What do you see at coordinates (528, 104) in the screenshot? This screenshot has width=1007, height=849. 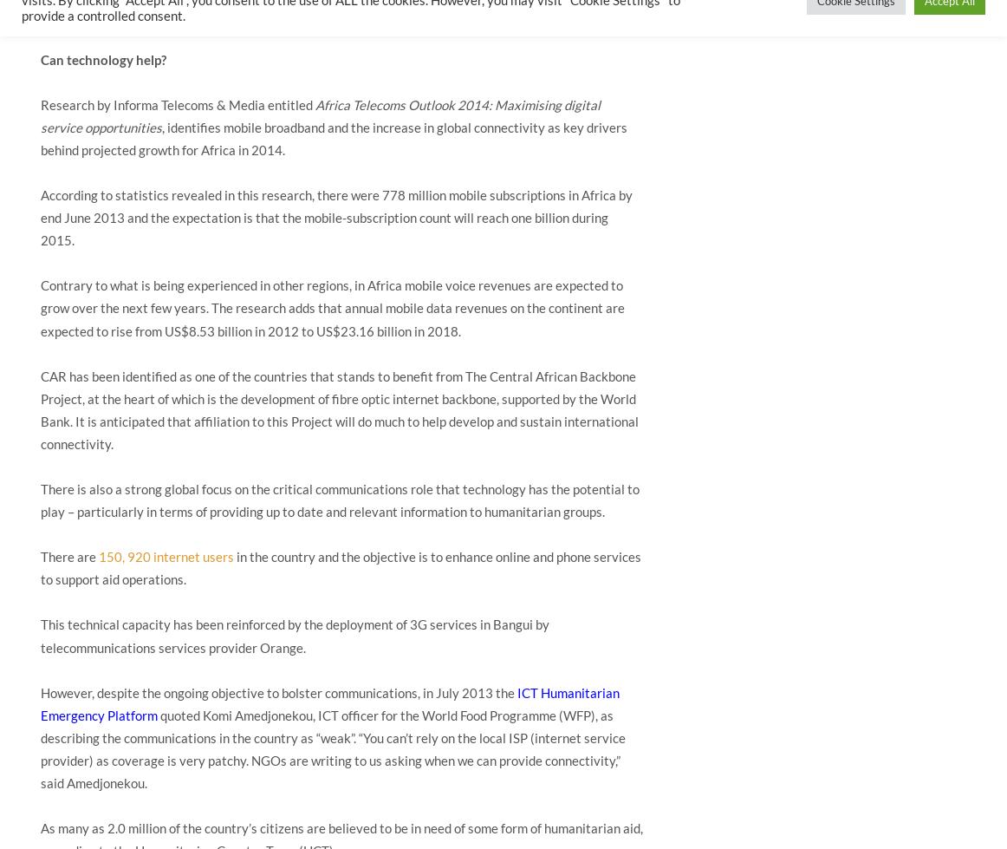 I see `'Maximising'` at bounding box center [528, 104].